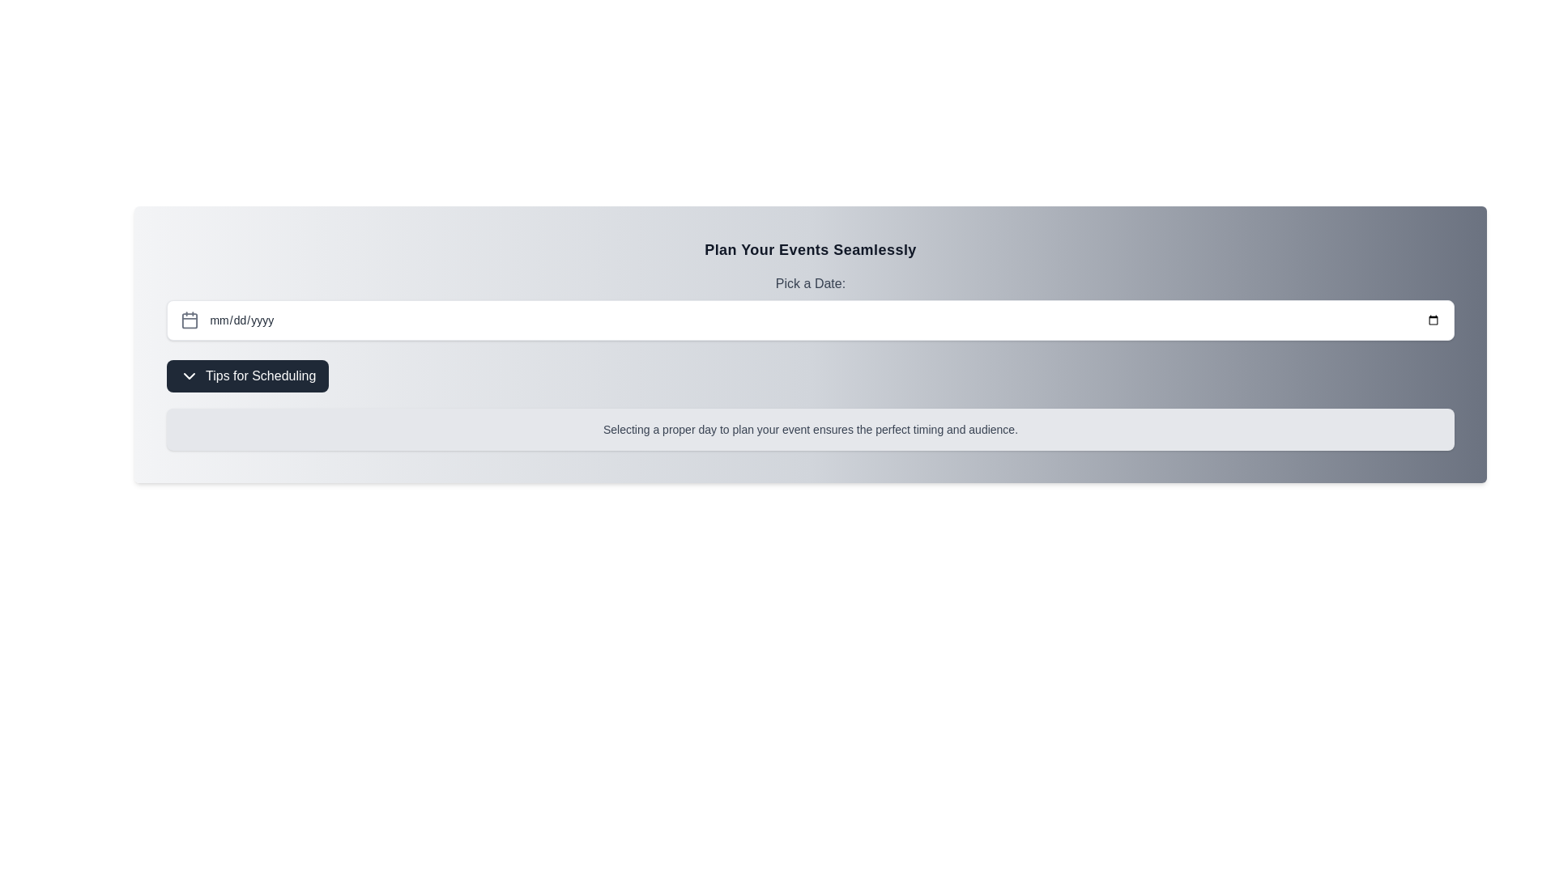 The width and height of the screenshot is (1555, 874). Describe the element at coordinates (190, 320) in the screenshot. I see `the gray calendar icon located to the left of the 'Pick a Date' input field` at that location.